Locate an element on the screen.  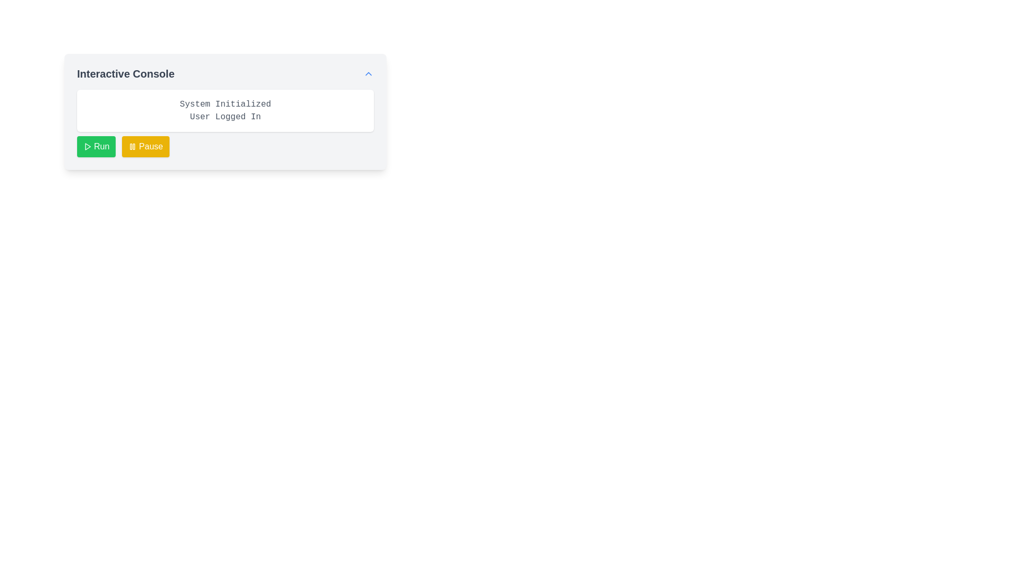
the left vertical rectangular bar with rounded edges of the SVG icon located in the middle-left region of the interface frame is located at coordinates (130, 146).